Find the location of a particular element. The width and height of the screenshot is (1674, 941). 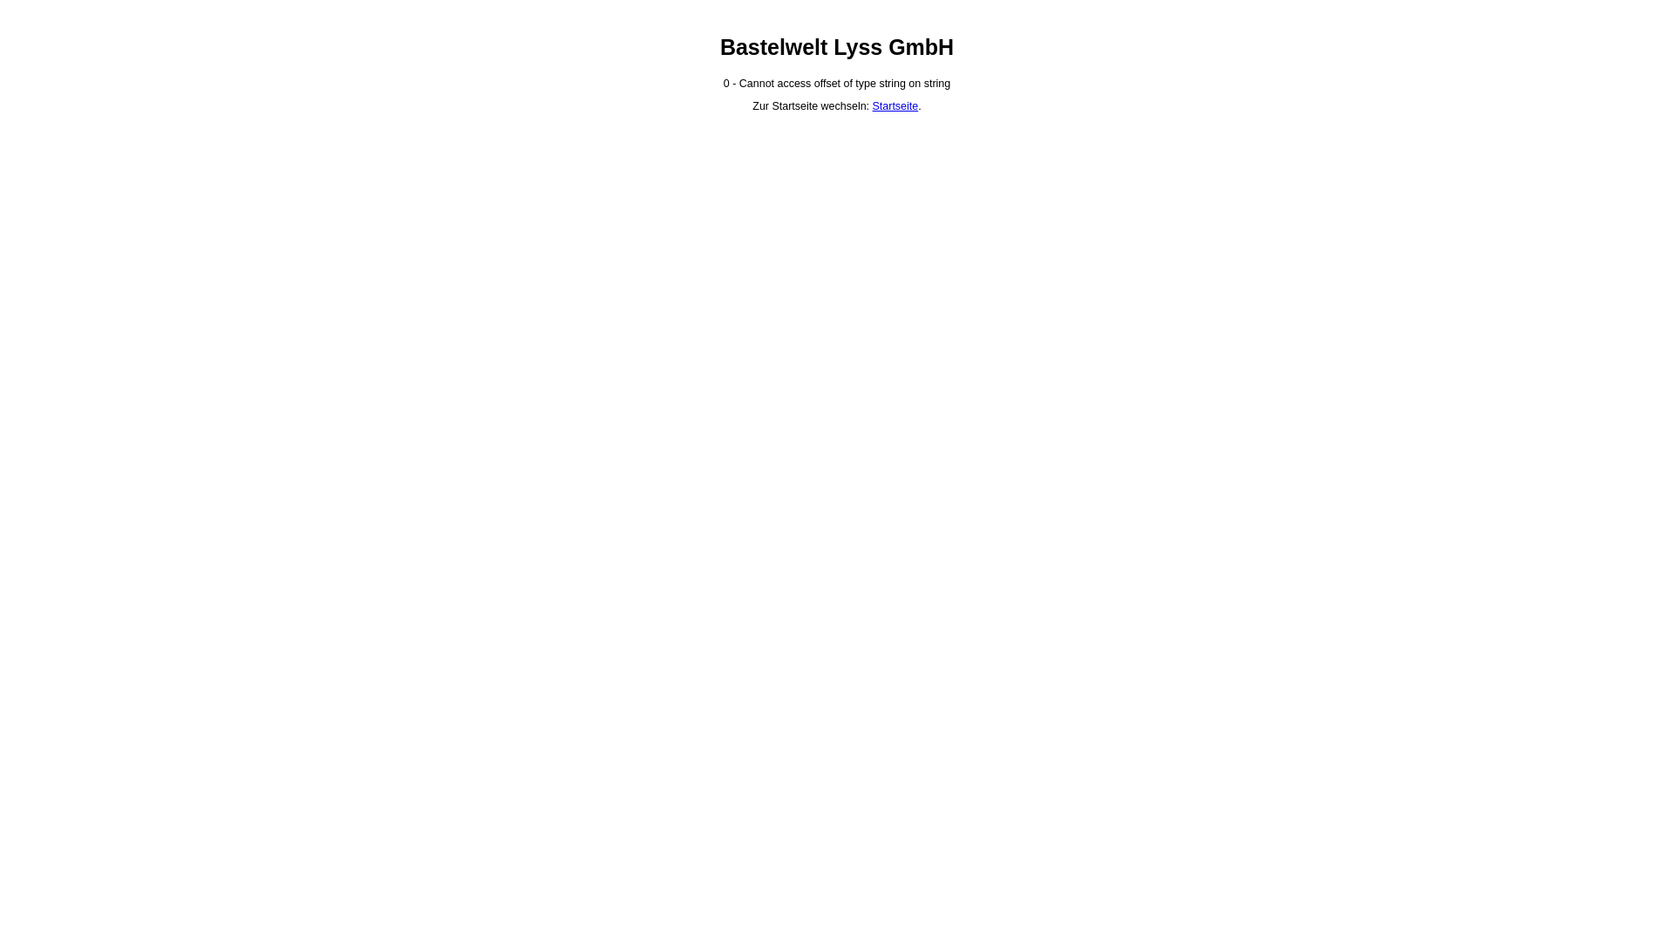

'Startseite' is located at coordinates (895, 106).